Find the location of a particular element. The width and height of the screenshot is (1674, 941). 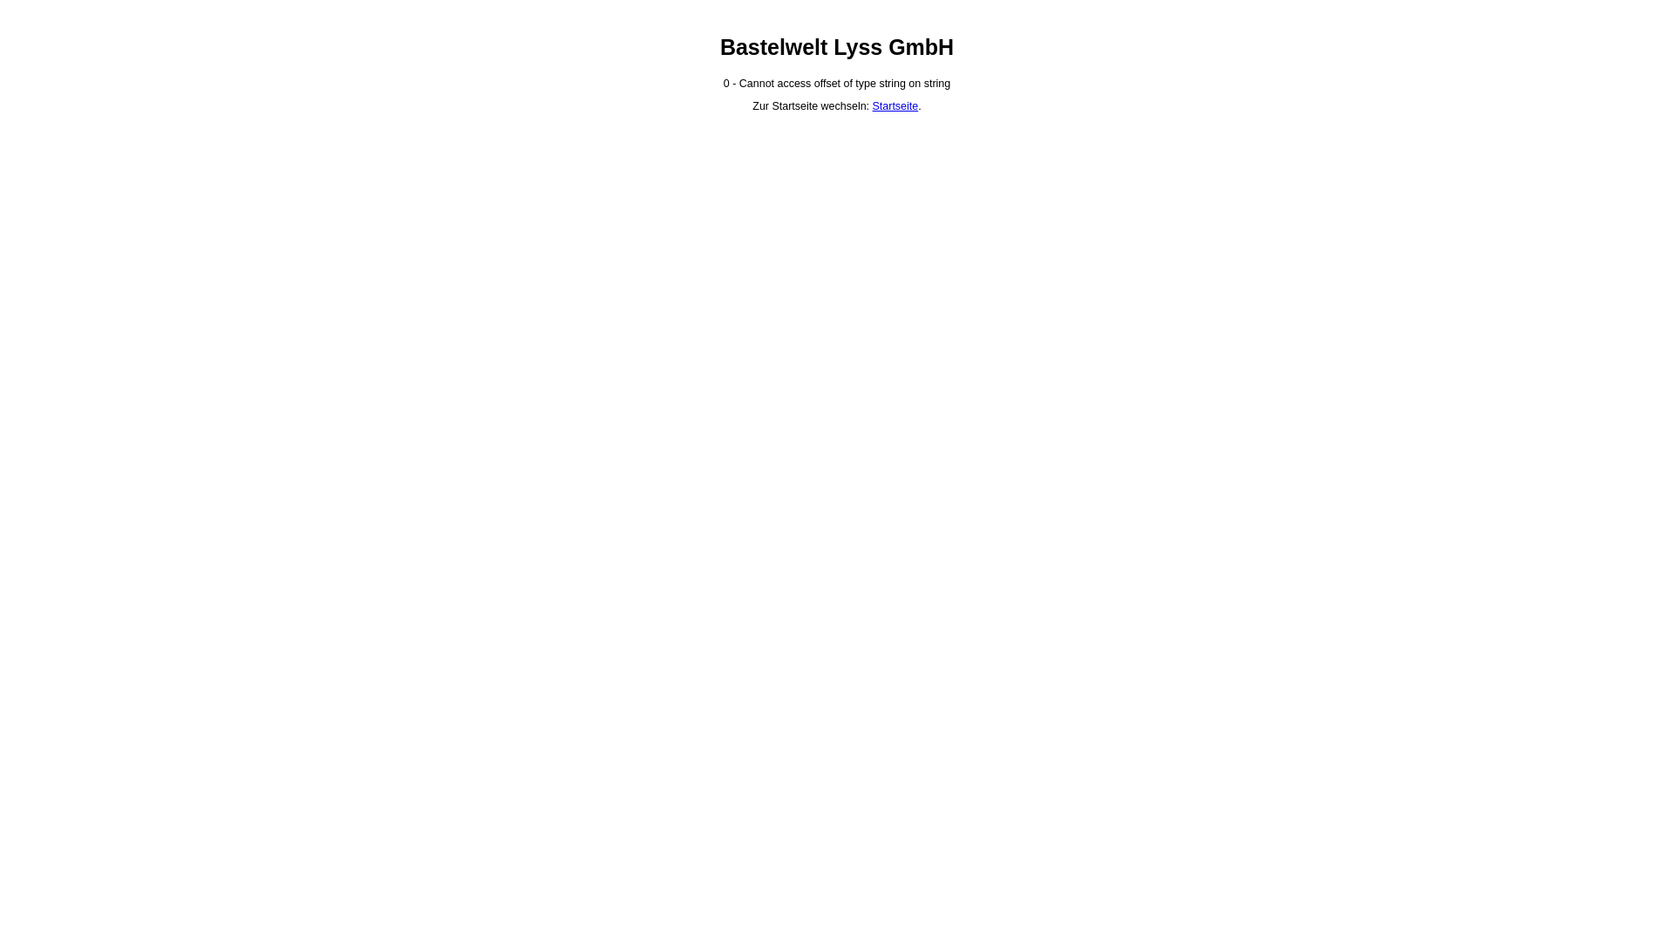

'Startseite' is located at coordinates (895, 106).